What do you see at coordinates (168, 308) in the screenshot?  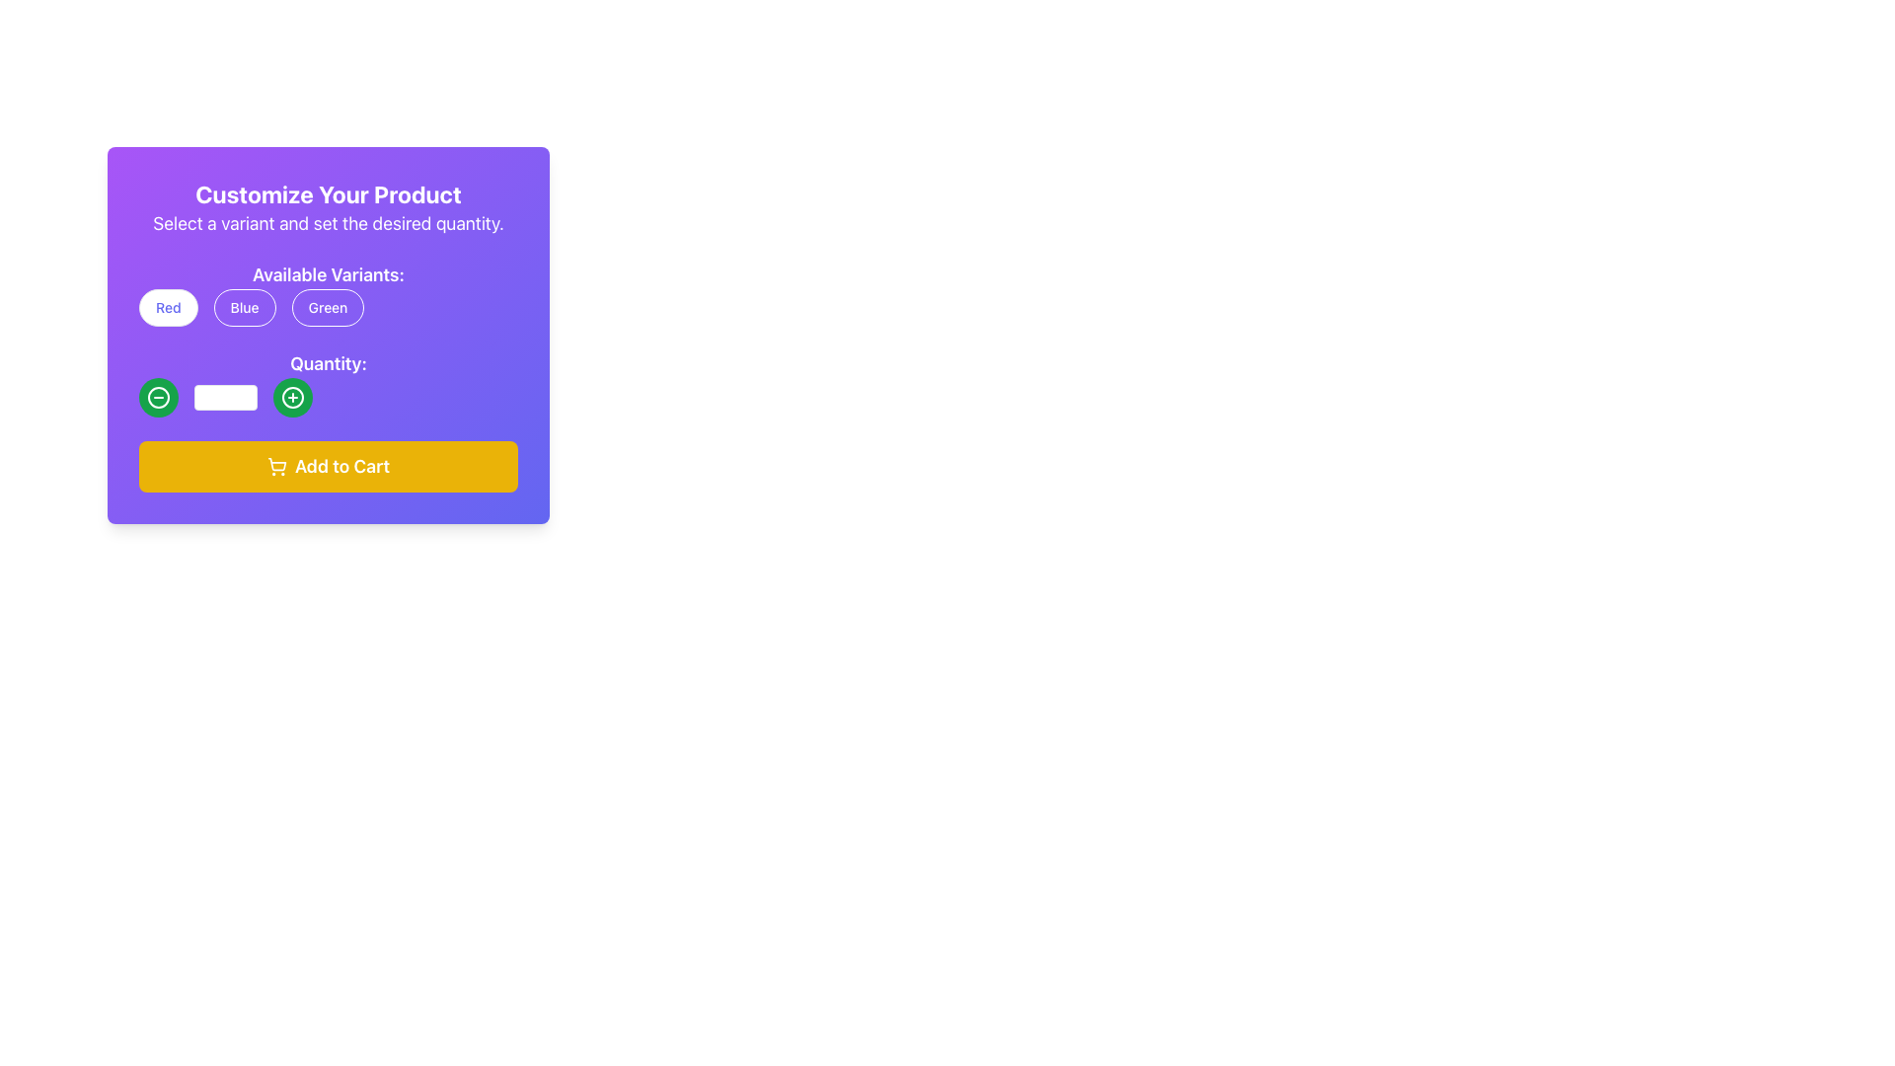 I see `the 'Red' variant button` at bounding box center [168, 308].